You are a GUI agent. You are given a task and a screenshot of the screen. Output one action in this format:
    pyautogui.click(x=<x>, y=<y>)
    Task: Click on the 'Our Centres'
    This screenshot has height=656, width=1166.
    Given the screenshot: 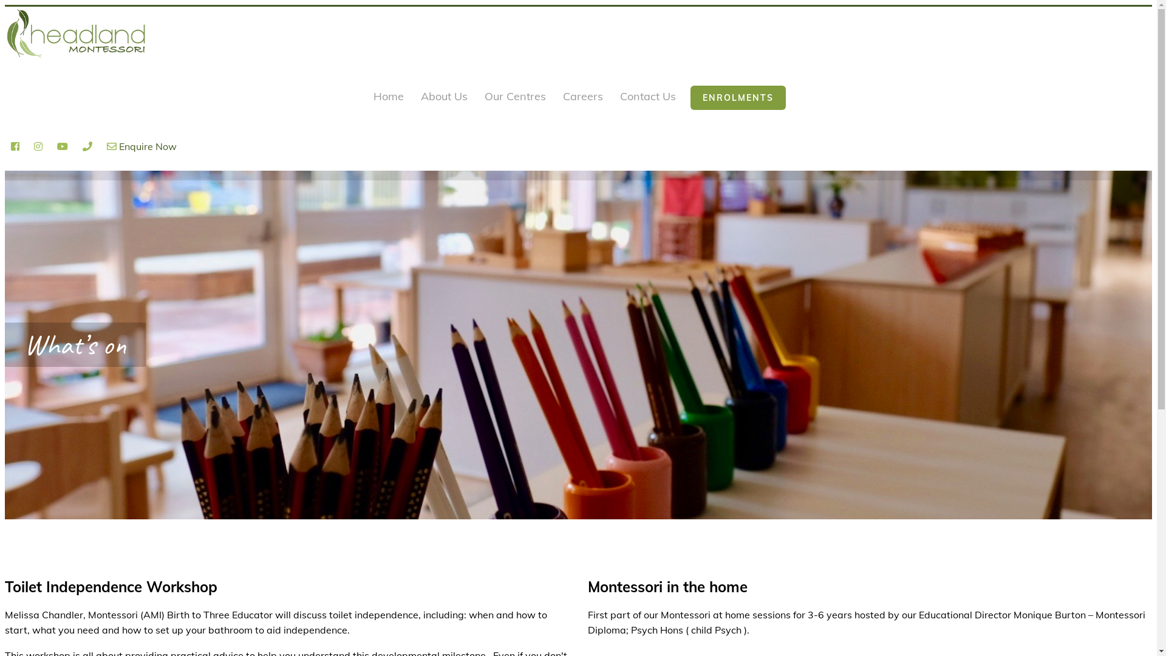 What is the action you would take?
    pyautogui.click(x=481, y=97)
    